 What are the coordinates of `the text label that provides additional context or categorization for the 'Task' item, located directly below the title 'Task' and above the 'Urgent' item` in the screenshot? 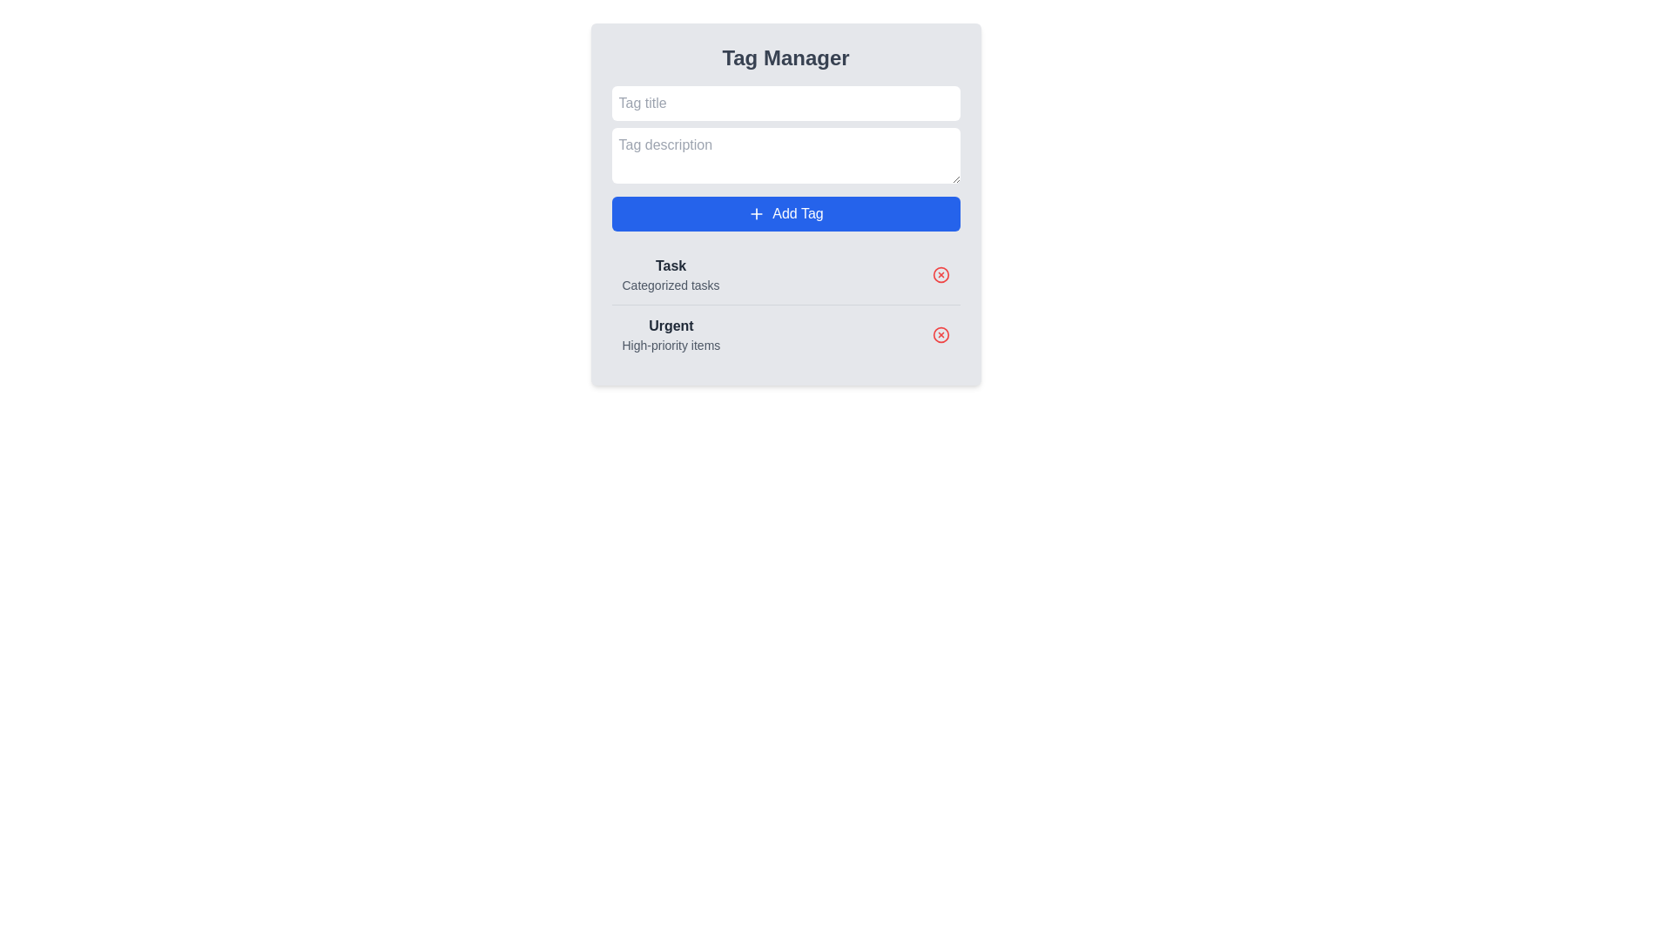 It's located at (670, 284).